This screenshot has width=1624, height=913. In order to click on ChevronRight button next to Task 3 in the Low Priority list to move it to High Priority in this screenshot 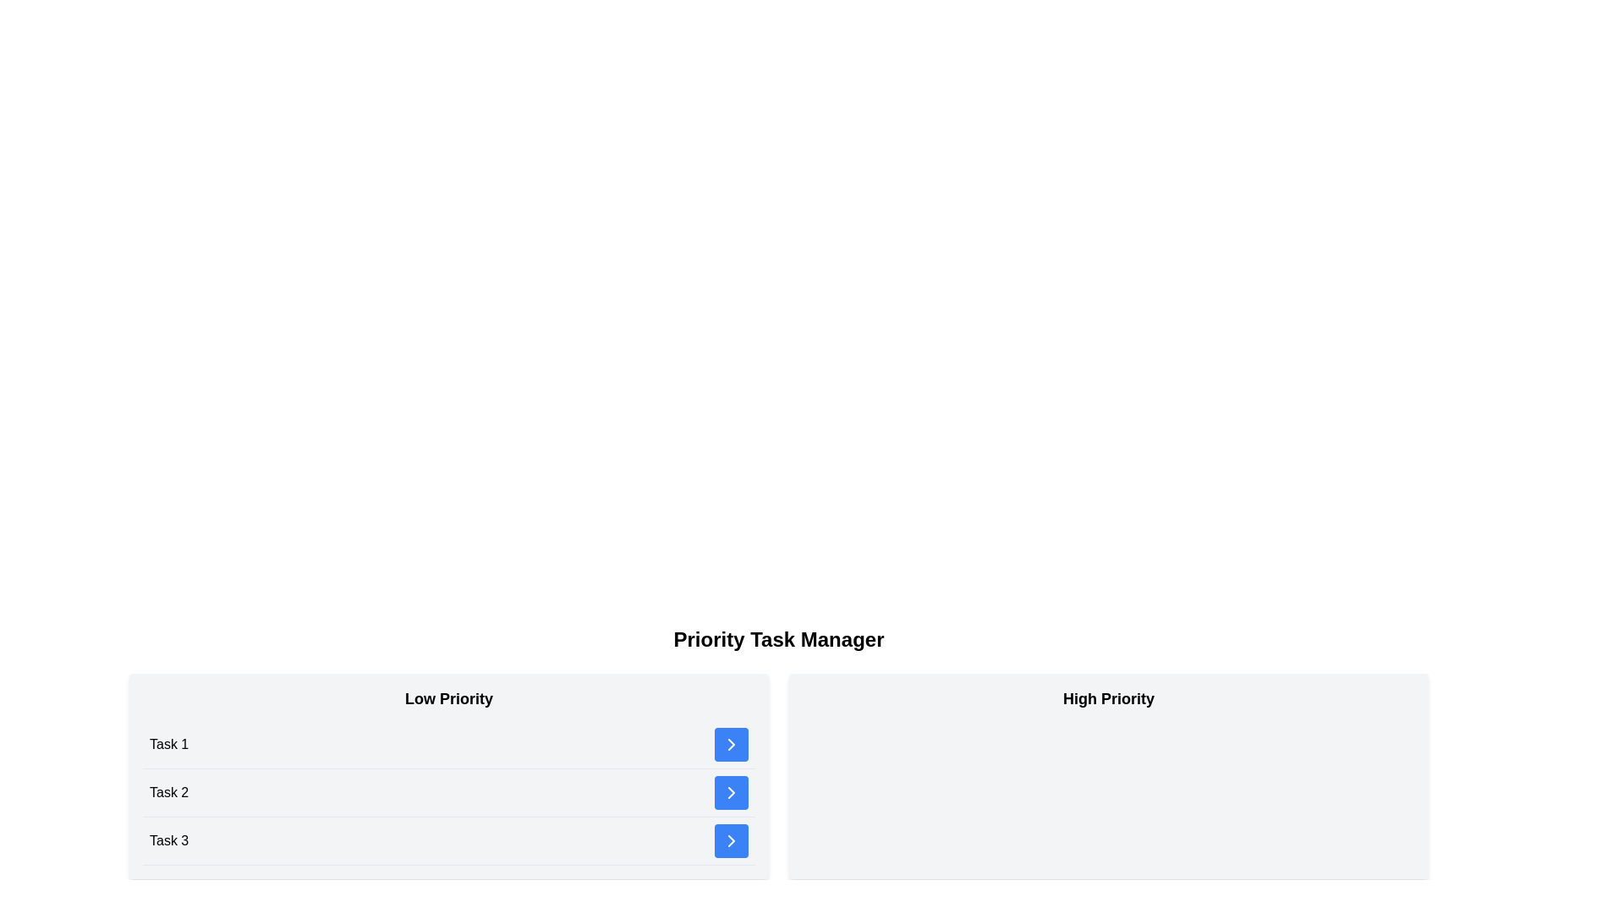, I will do `click(731, 841)`.